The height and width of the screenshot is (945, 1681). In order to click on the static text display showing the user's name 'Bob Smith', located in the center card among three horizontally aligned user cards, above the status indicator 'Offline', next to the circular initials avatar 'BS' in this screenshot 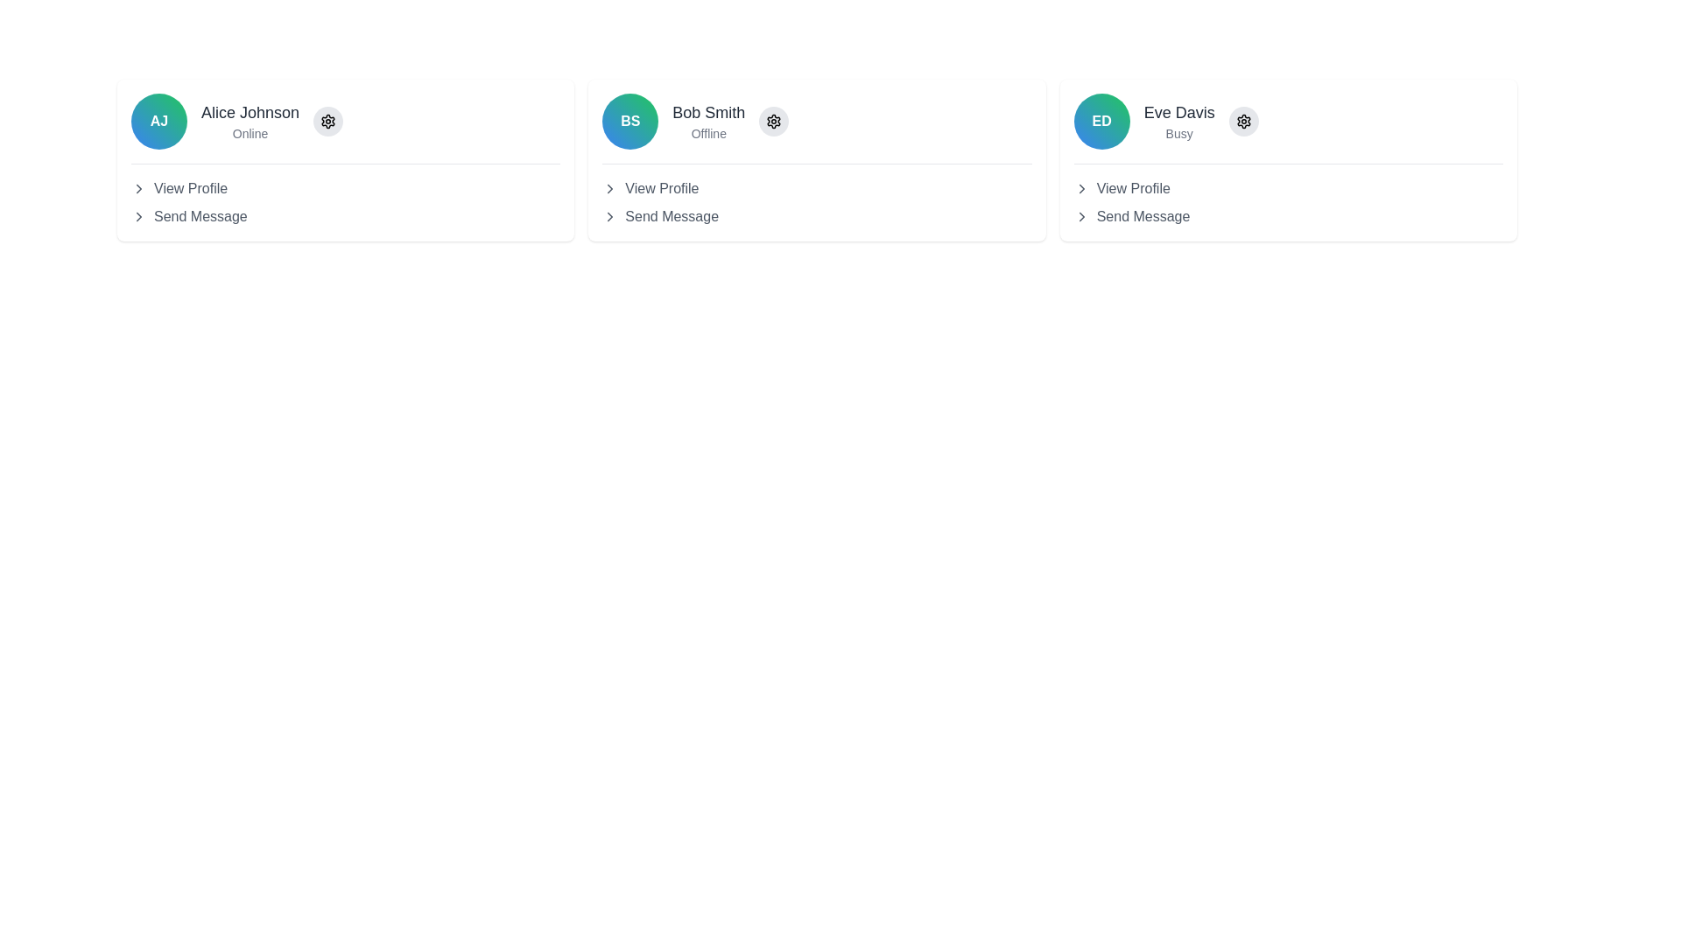, I will do `click(708, 112)`.